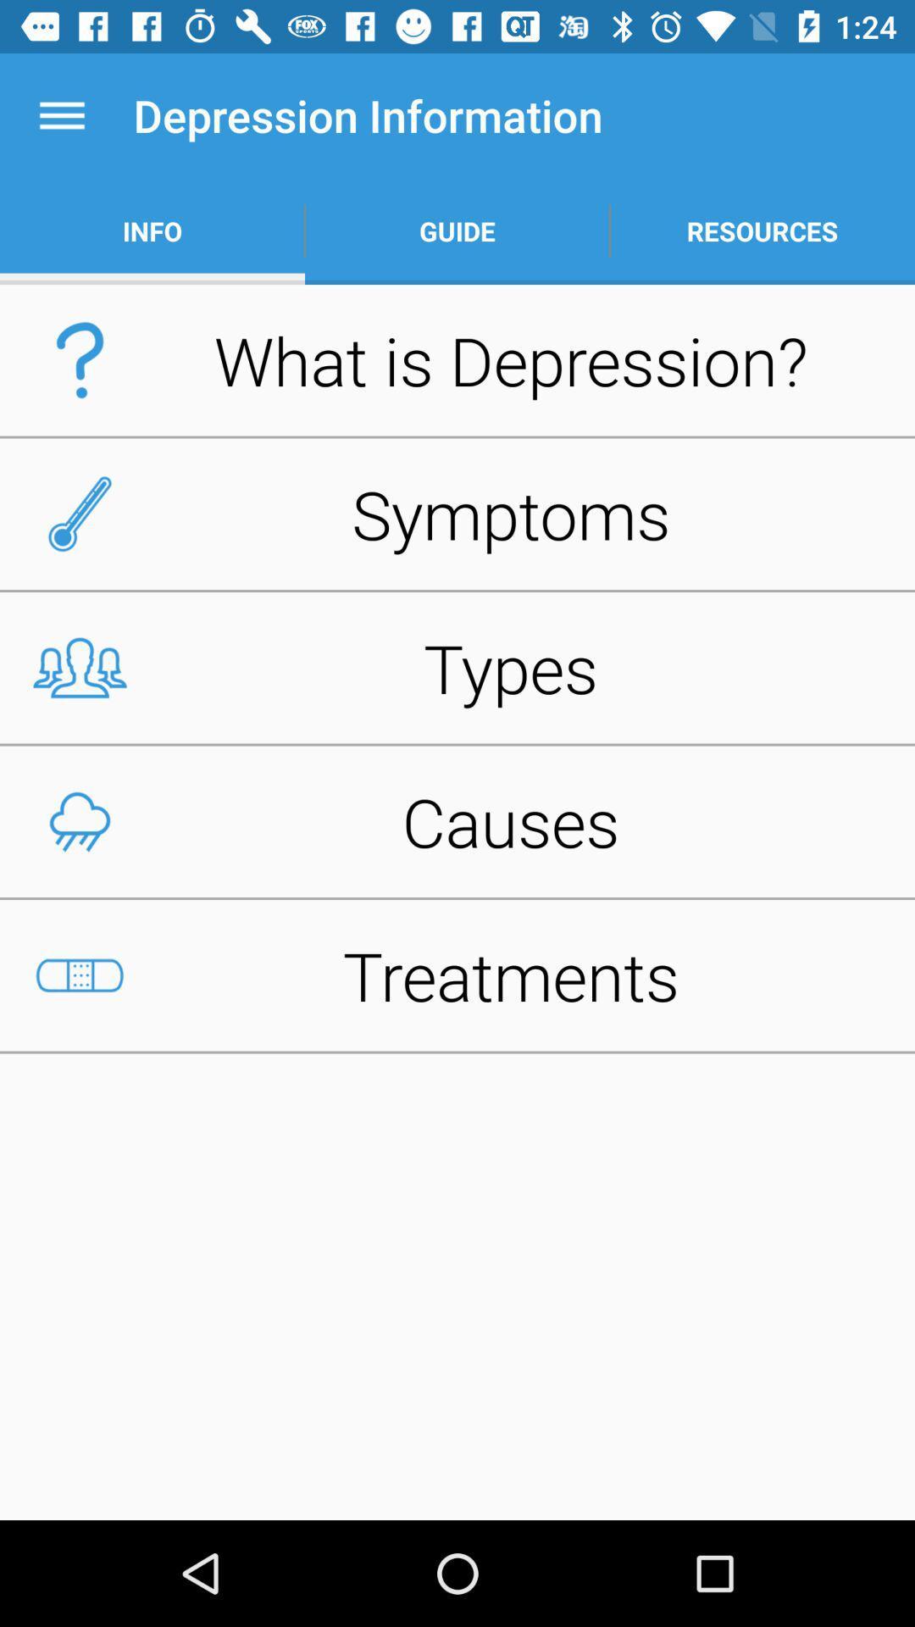 The height and width of the screenshot is (1627, 915). I want to click on app next to the guide, so click(761, 230).